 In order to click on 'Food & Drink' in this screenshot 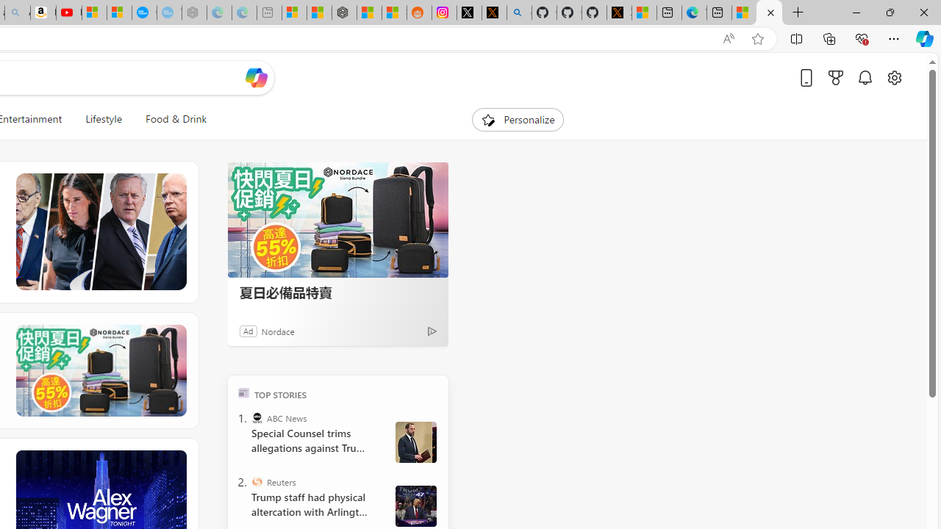, I will do `click(170, 119)`.